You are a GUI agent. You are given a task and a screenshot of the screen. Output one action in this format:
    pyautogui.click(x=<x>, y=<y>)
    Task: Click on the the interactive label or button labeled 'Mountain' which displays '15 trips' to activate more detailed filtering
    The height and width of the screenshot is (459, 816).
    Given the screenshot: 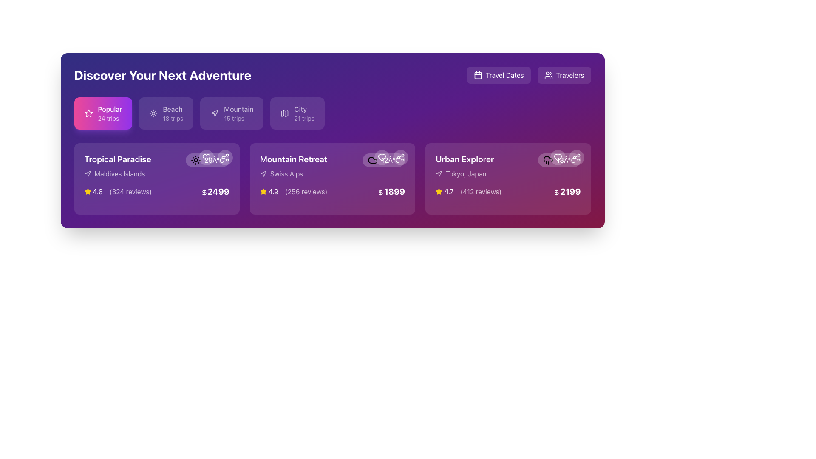 What is the action you would take?
    pyautogui.click(x=238, y=113)
    